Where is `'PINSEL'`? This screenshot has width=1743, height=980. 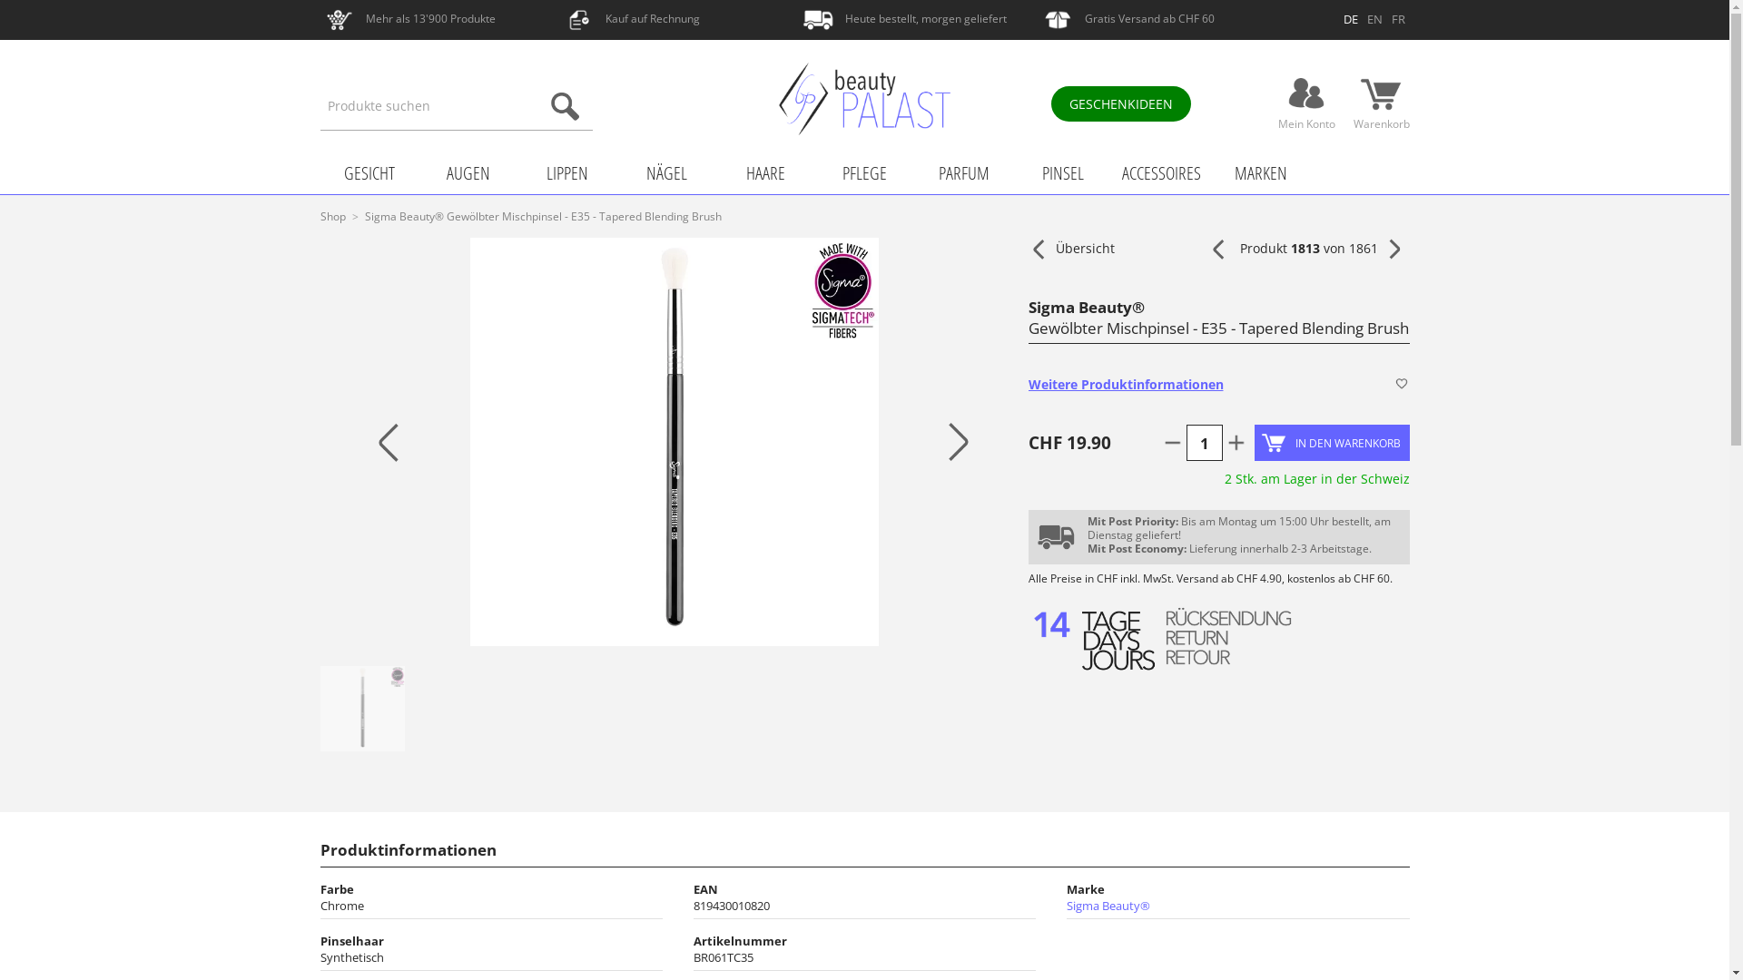
'PINSEL' is located at coordinates (1012, 174).